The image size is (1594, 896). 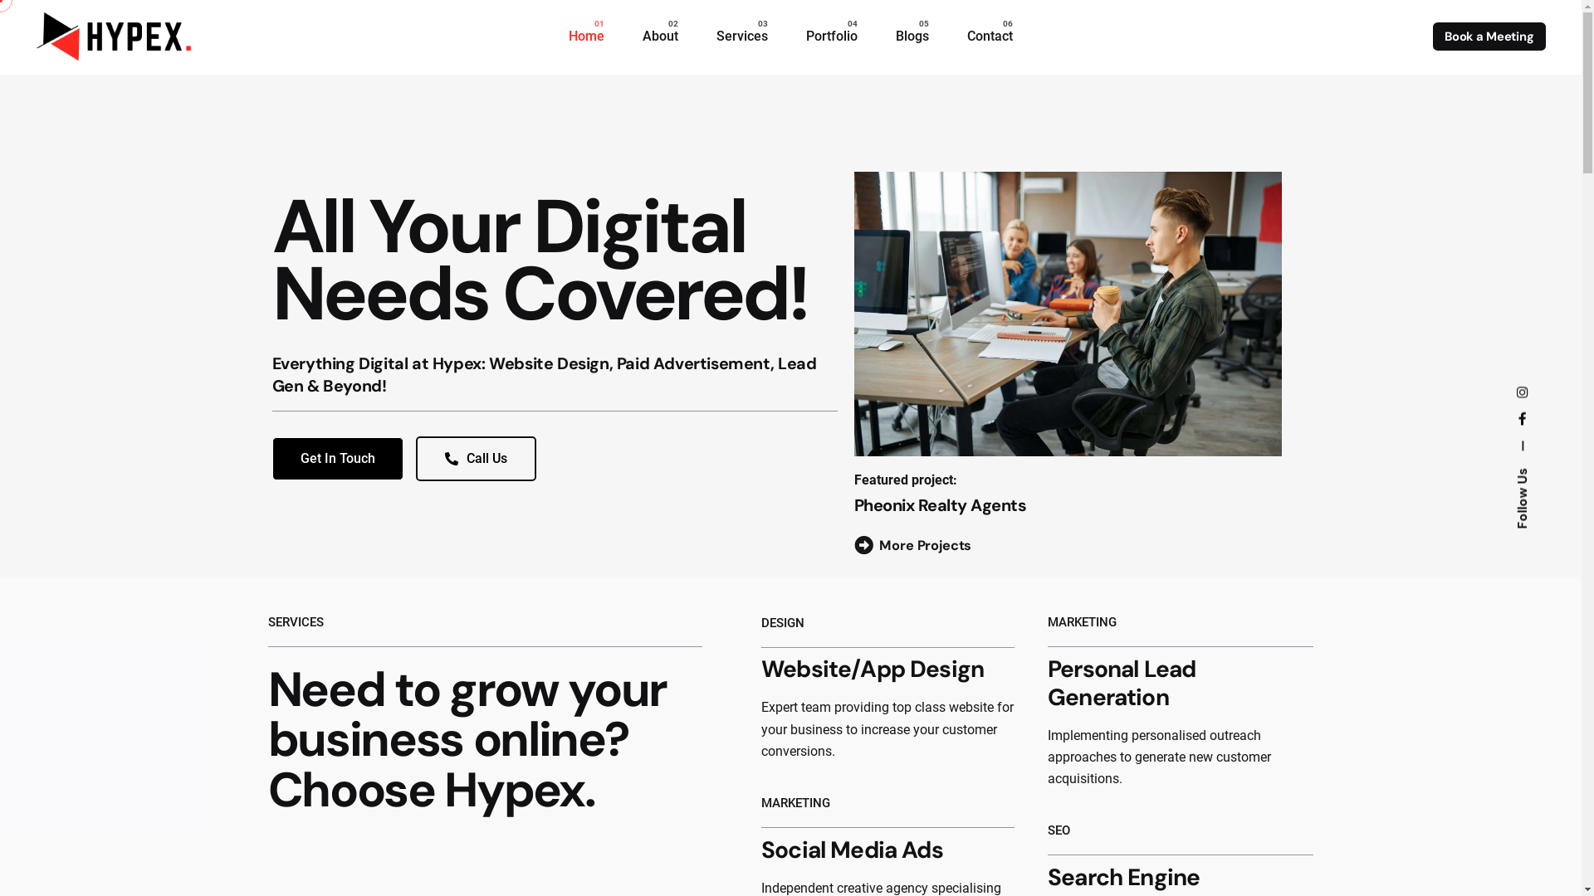 What do you see at coordinates (940, 504) in the screenshot?
I see `'Pheonix Realty Agents'` at bounding box center [940, 504].